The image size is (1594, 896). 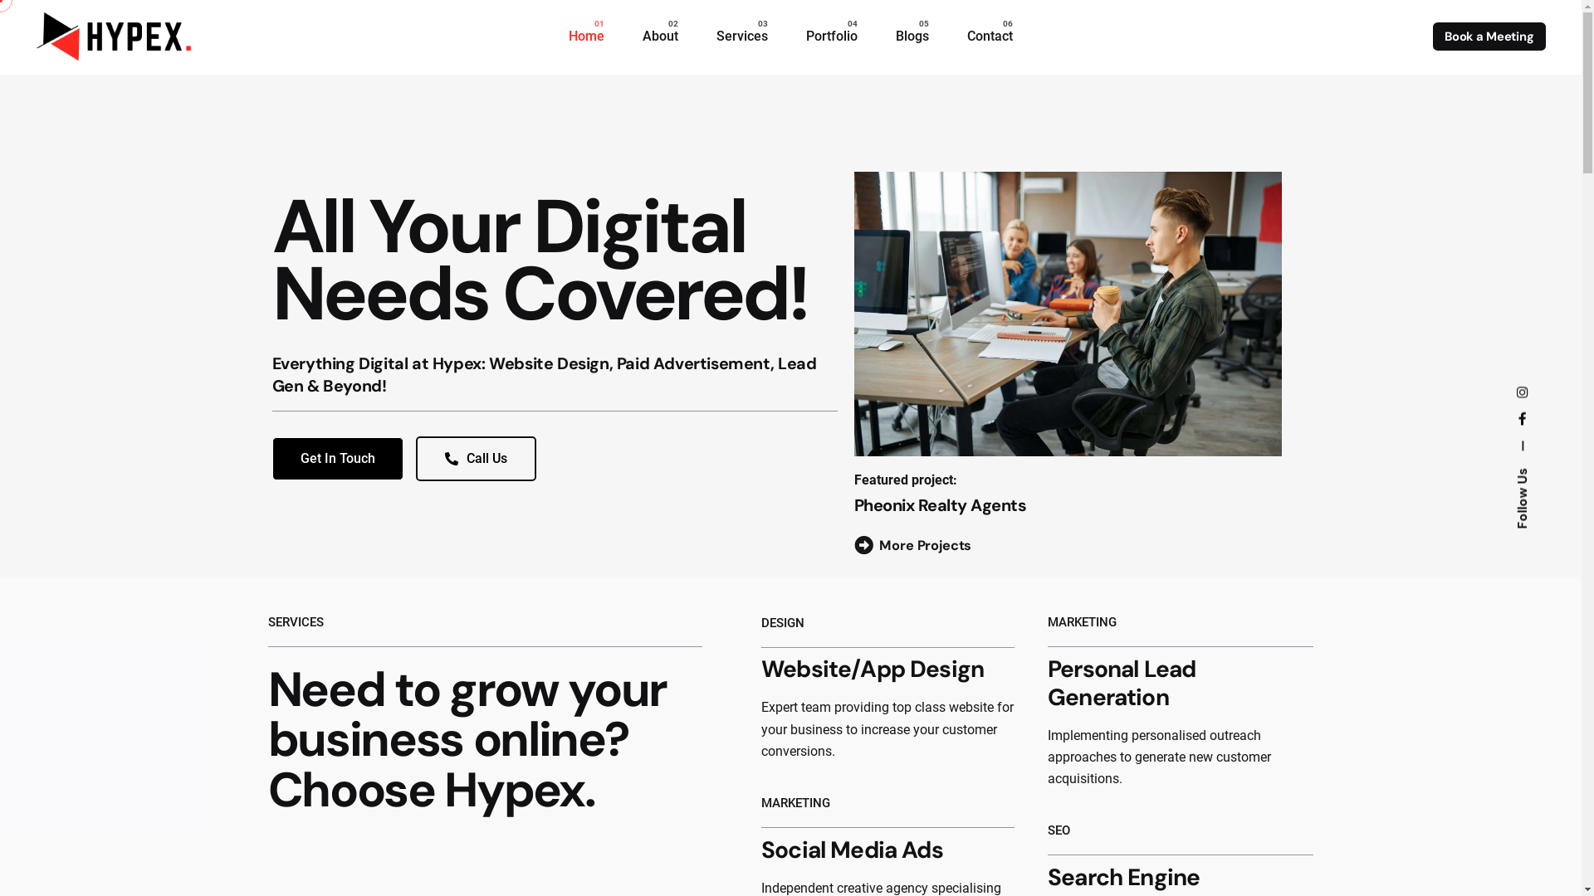 What do you see at coordinates (940, 504) in the screenshot?
I see `'Pheonix Realty Agents'` at bounding box center [940, 504].